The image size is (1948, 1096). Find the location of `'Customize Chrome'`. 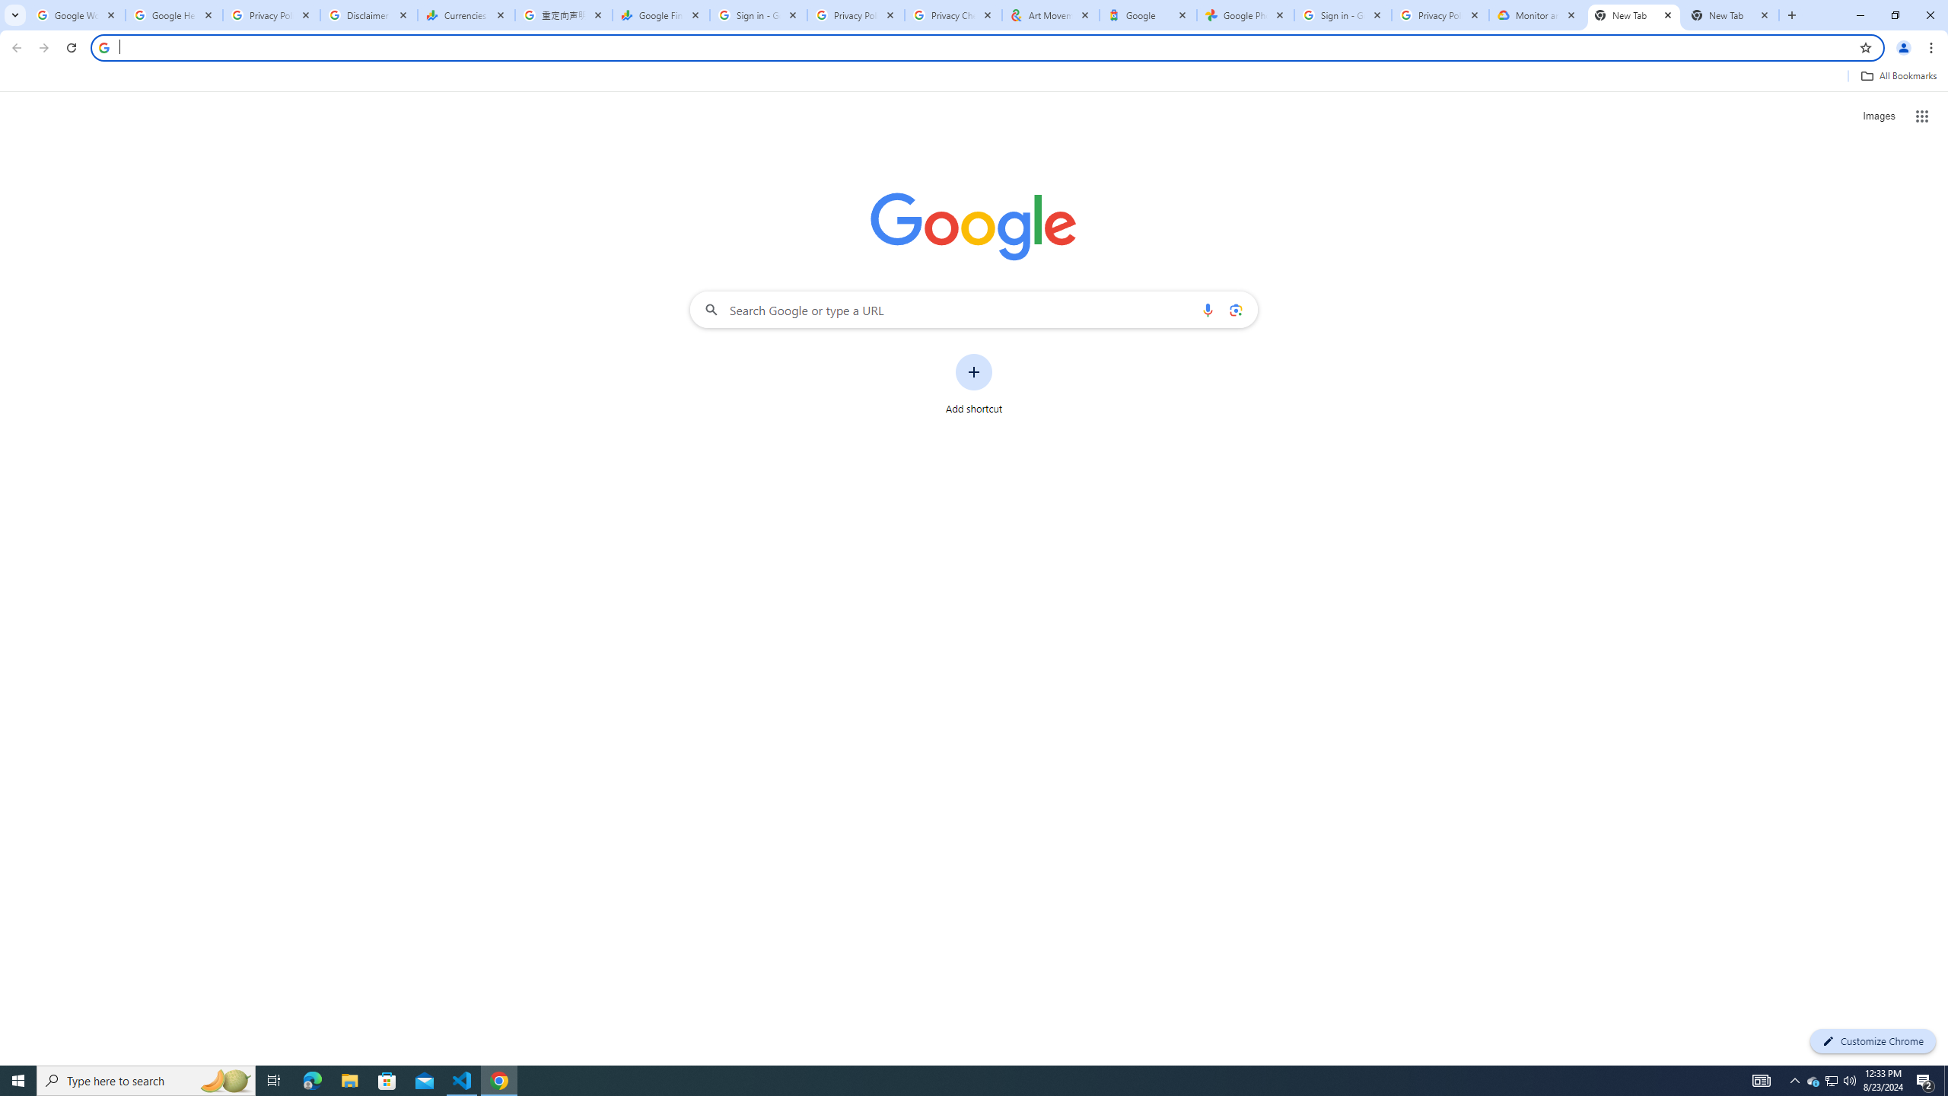

'Customize Chrome' is located at coordinates (1873, 1040).